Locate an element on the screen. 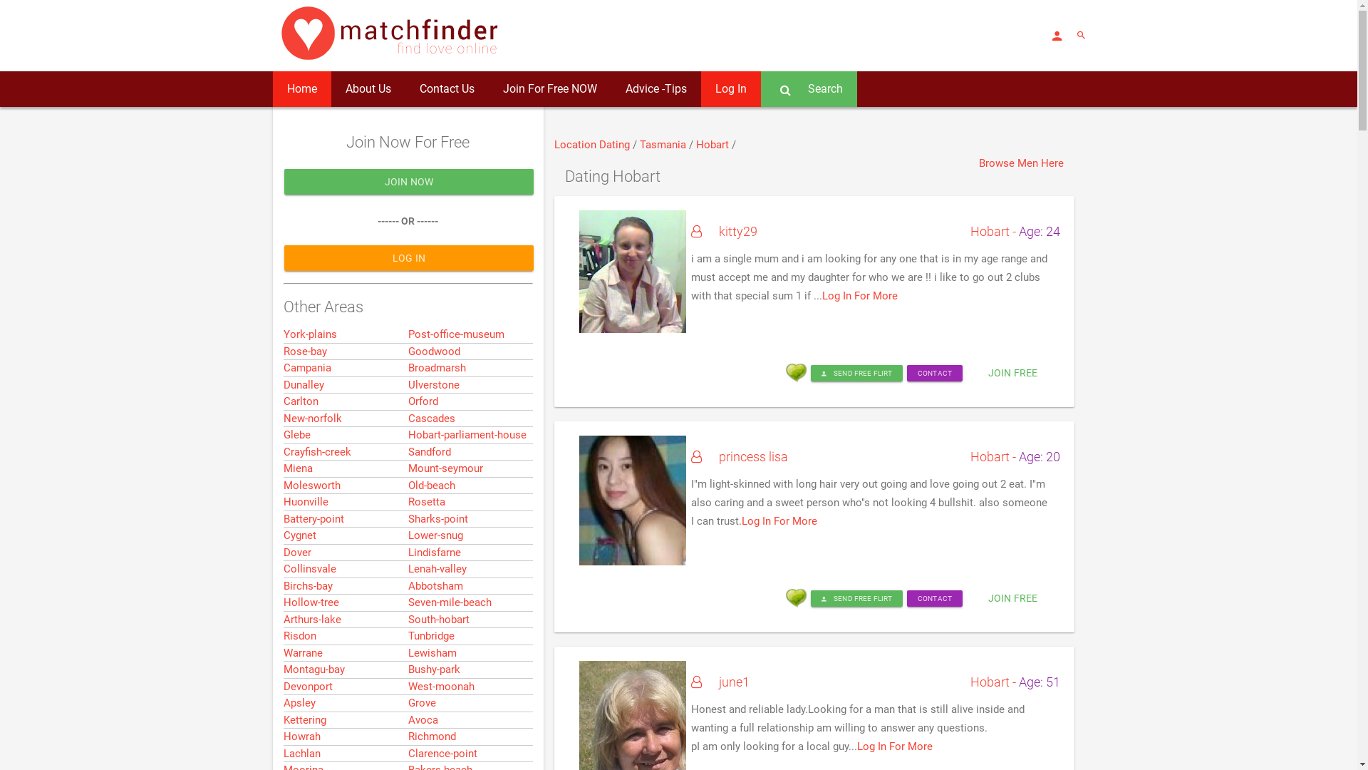  'Miena' is located at coordinates (297, 468).